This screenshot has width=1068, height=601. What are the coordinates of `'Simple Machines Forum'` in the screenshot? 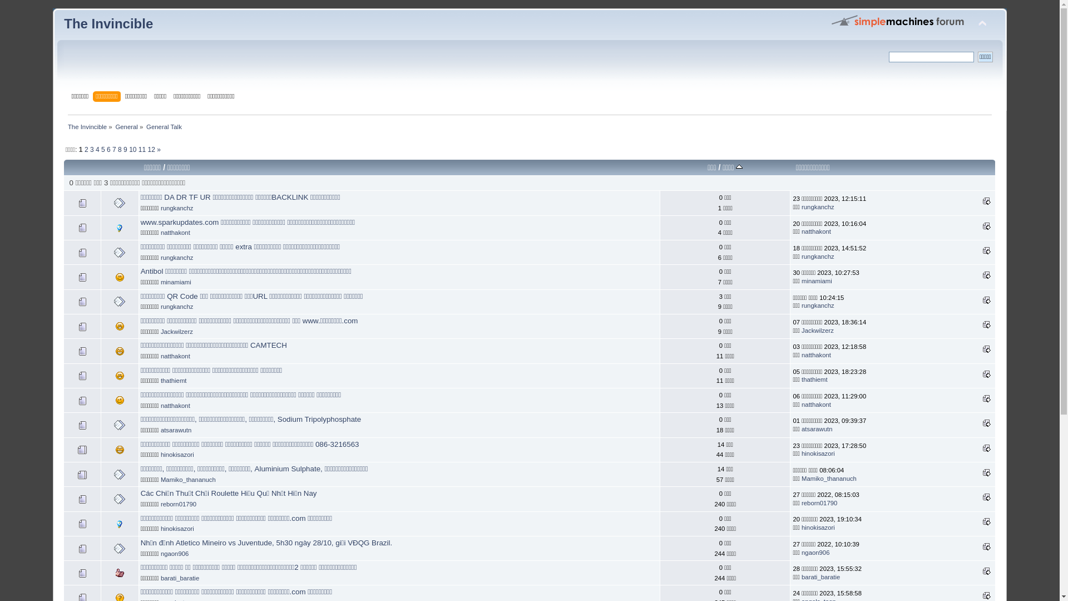 It's located at (898, 21).